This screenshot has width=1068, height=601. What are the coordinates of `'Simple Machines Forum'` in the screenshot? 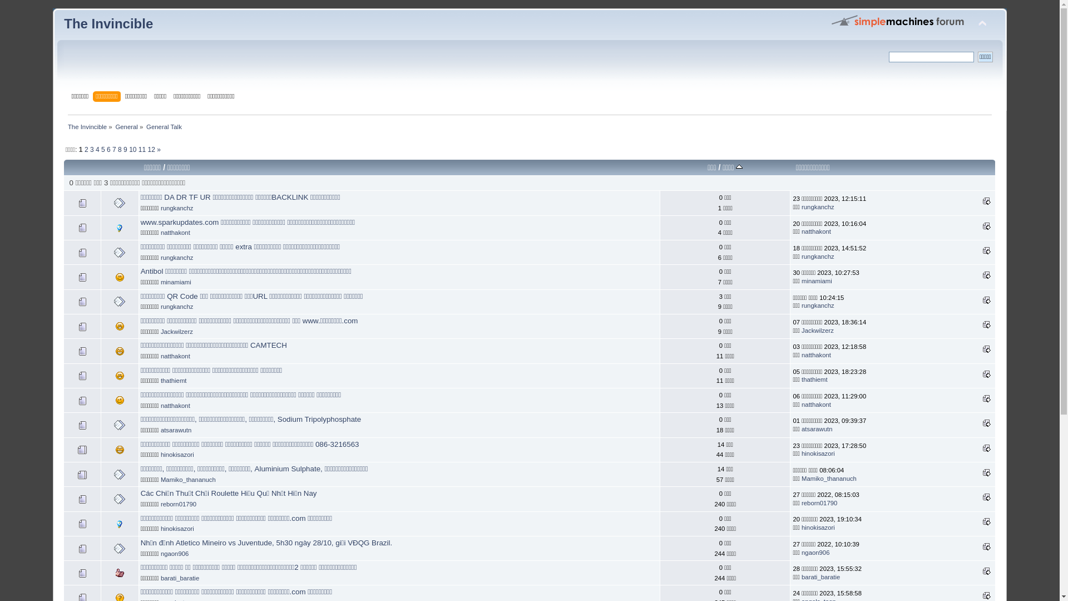 It's located at (898, 21).